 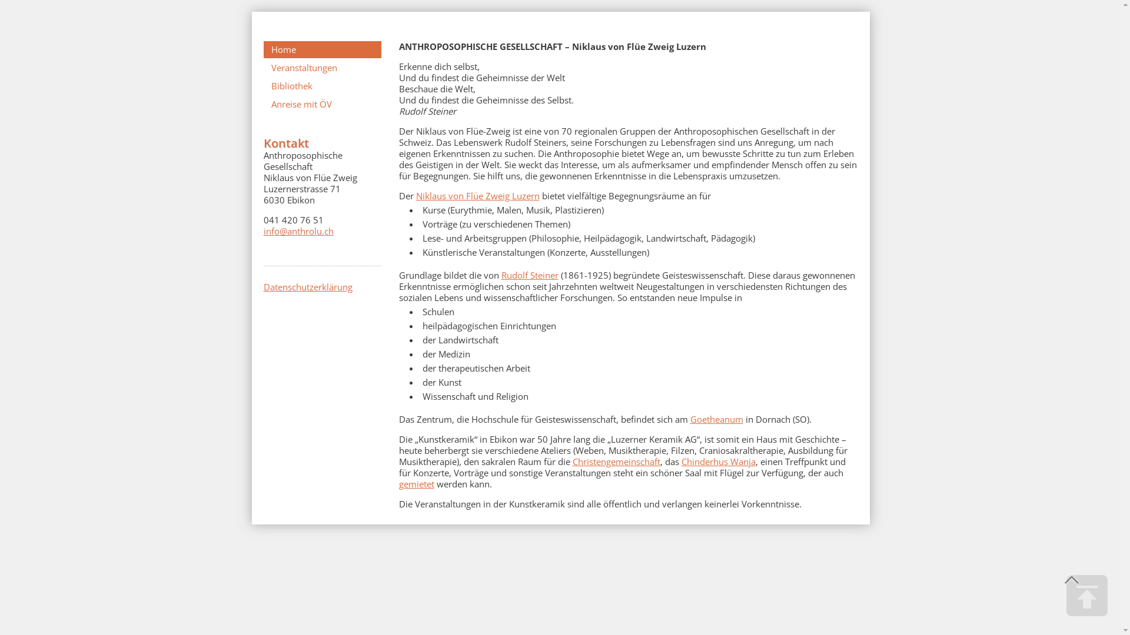 What do you see at coordinates (322, 85) in the screenshot?
I see `'Bibliothek'` at bounding box center [322, 85].